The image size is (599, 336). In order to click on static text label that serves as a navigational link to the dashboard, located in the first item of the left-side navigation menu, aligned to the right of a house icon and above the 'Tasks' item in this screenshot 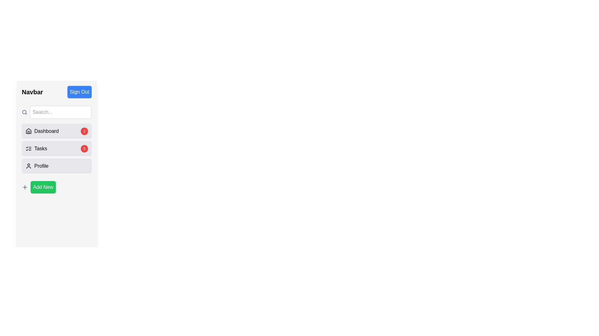, I will do `click(46, 131)`.